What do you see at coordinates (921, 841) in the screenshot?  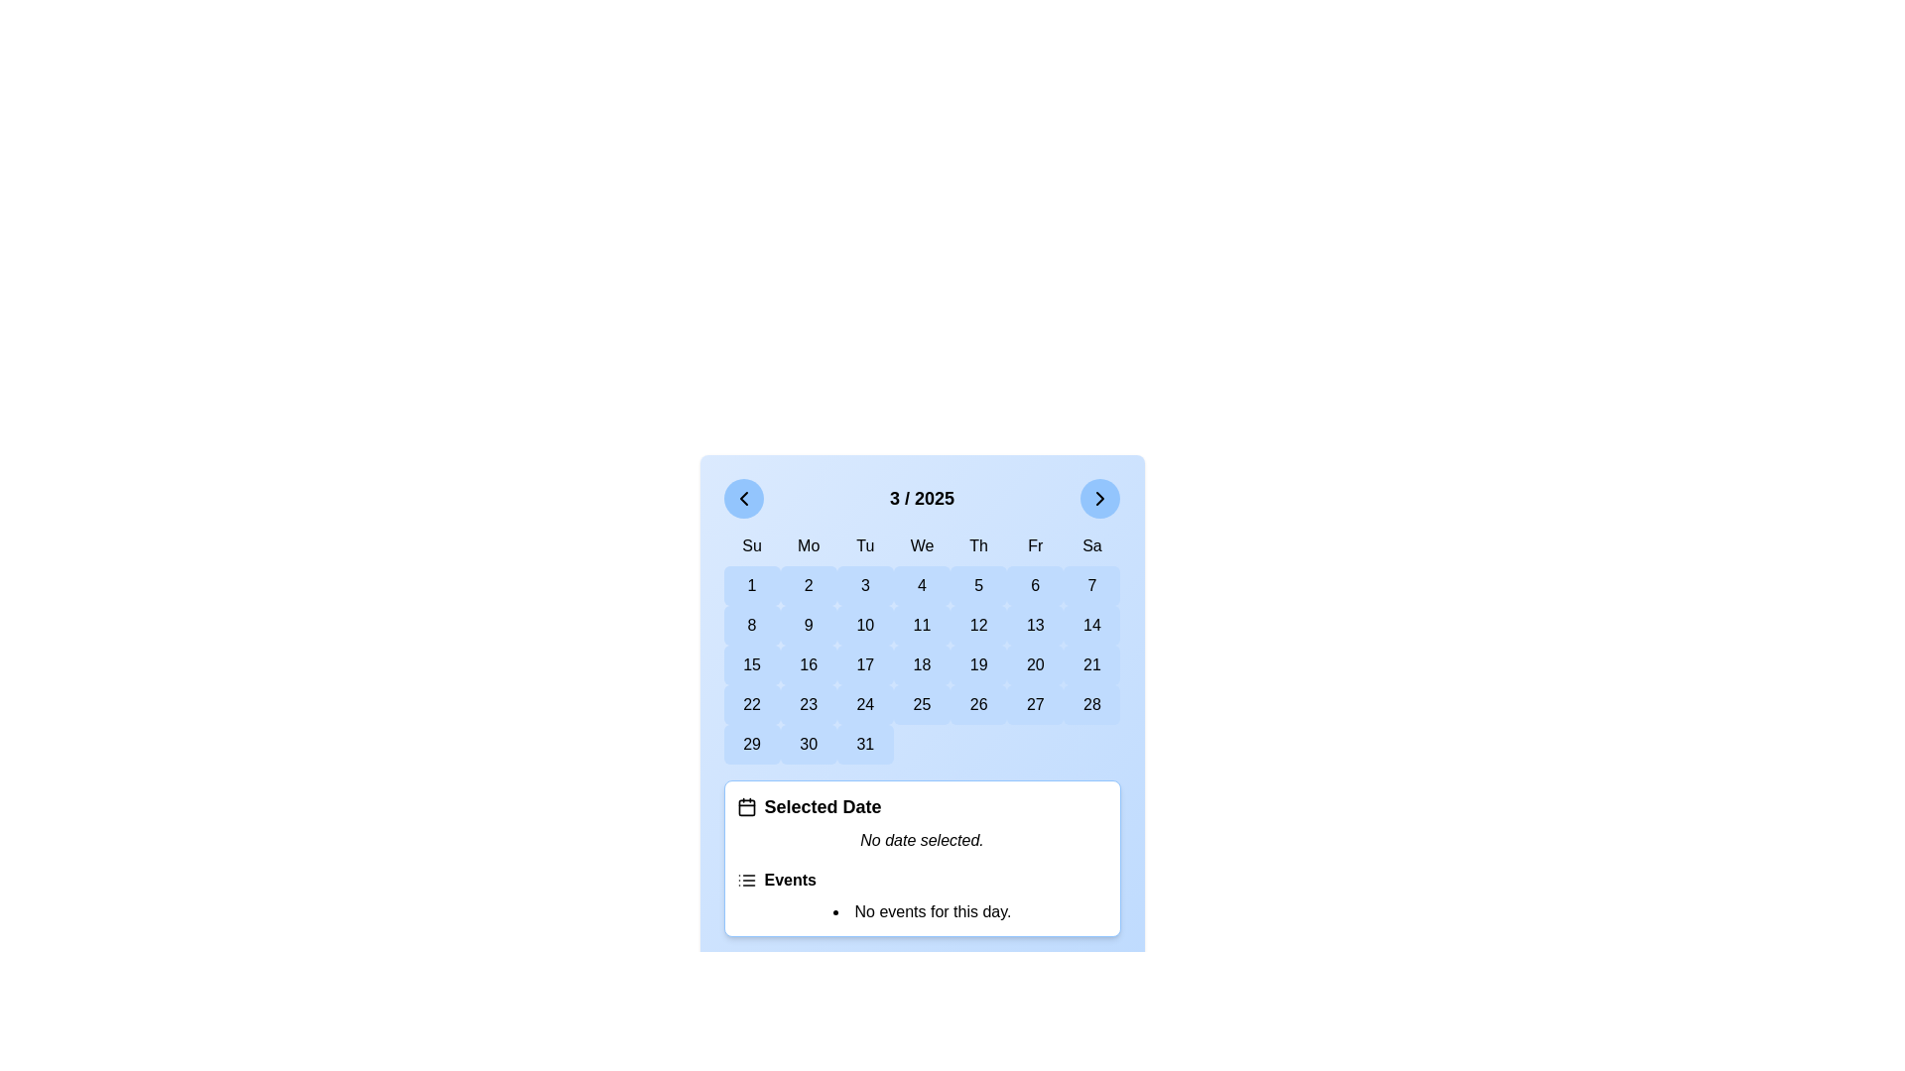 I see `the Text Label indicating 'No date selected.' which is positioned below the 'Selected Date' header within a white card` at bounding box center [921, 841].